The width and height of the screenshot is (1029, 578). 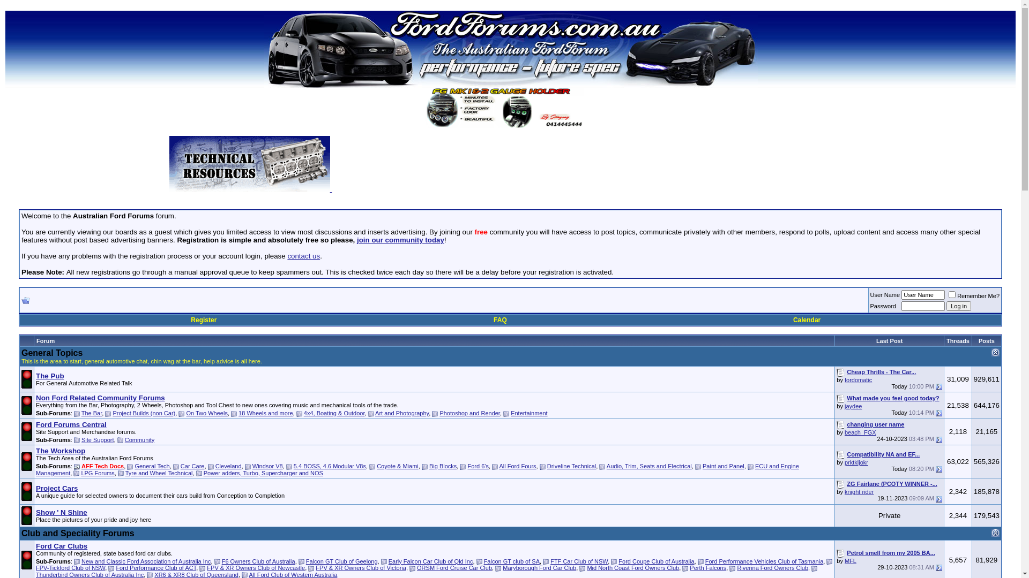 I want to click on 'Club and Speciality Forums', so click(x=77, y=533).